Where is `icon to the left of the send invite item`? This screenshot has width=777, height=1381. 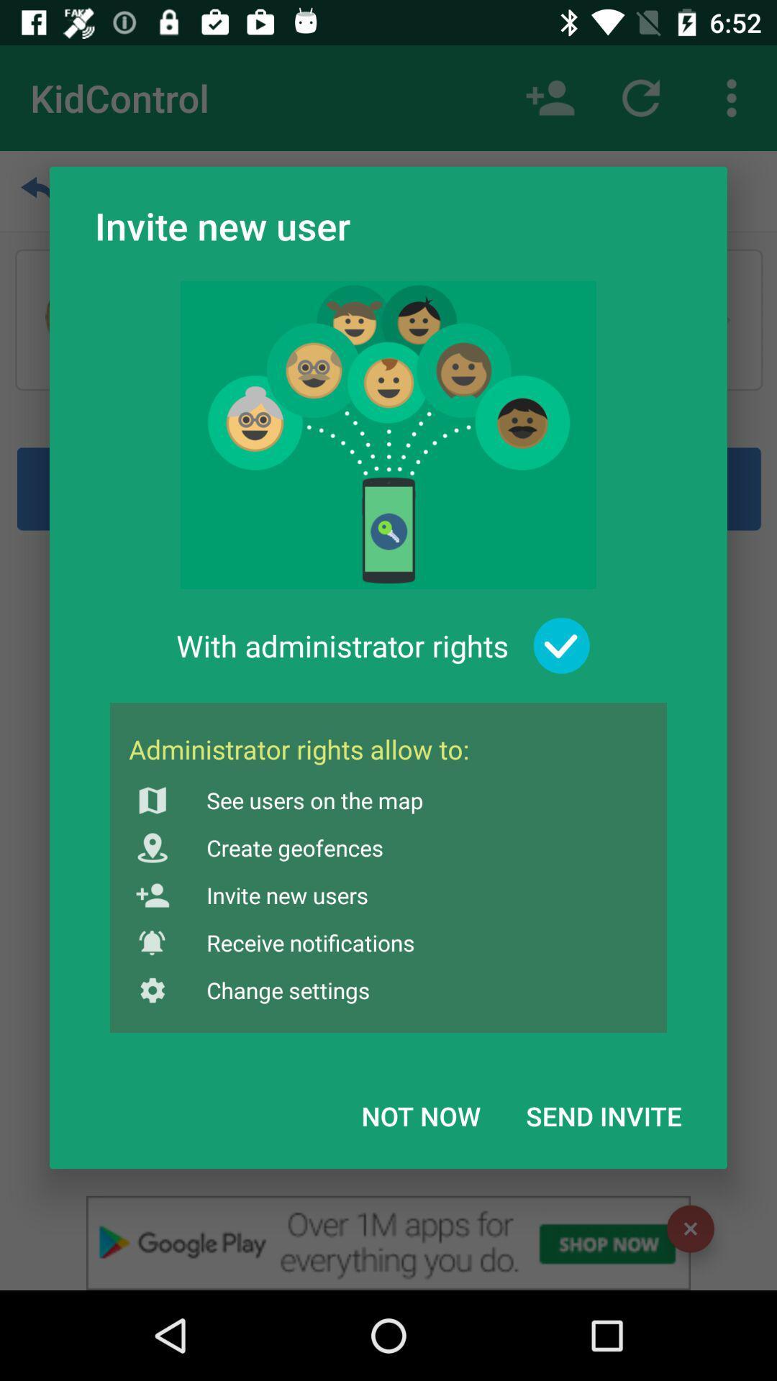
icon to the left of the send invite item is located at coordinates (421, 1115).